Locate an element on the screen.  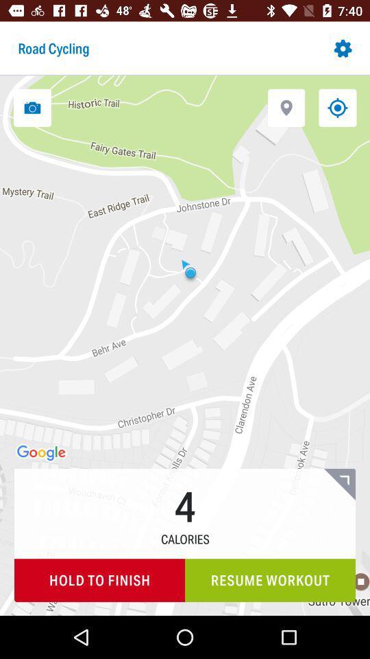
icon at the top left corner is located at coordinates (32, 107).